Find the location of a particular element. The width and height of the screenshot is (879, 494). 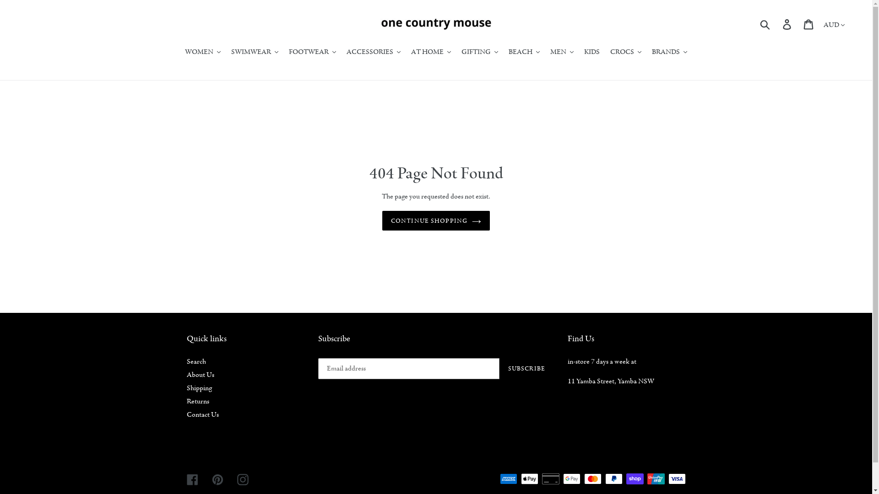

'CONTINUE SHOPPING' is located at coordinates (435, 220).